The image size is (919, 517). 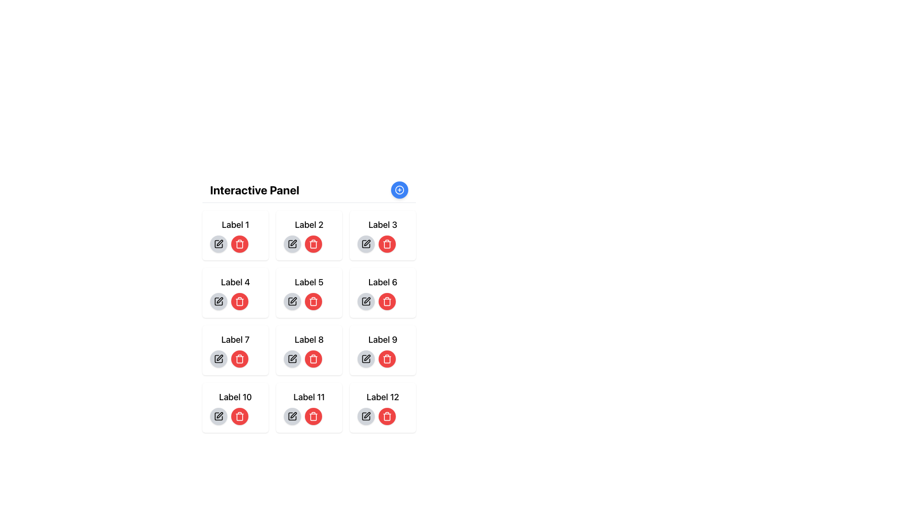 I want to click on the rounded red button with a trash bin icon located in the third column of the first row under the heading 'Interactive Panel', so click(x=383, y=236).